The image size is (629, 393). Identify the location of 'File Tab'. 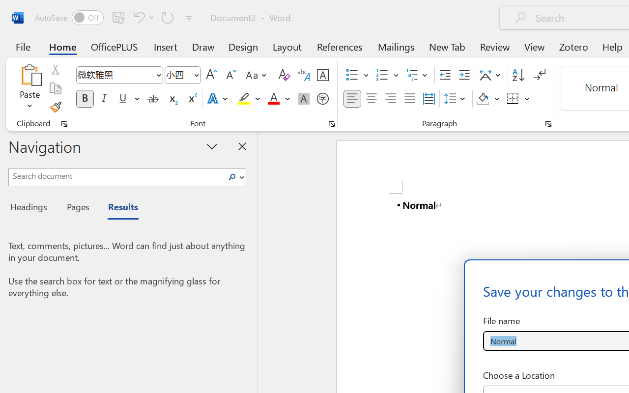
(23, 46).